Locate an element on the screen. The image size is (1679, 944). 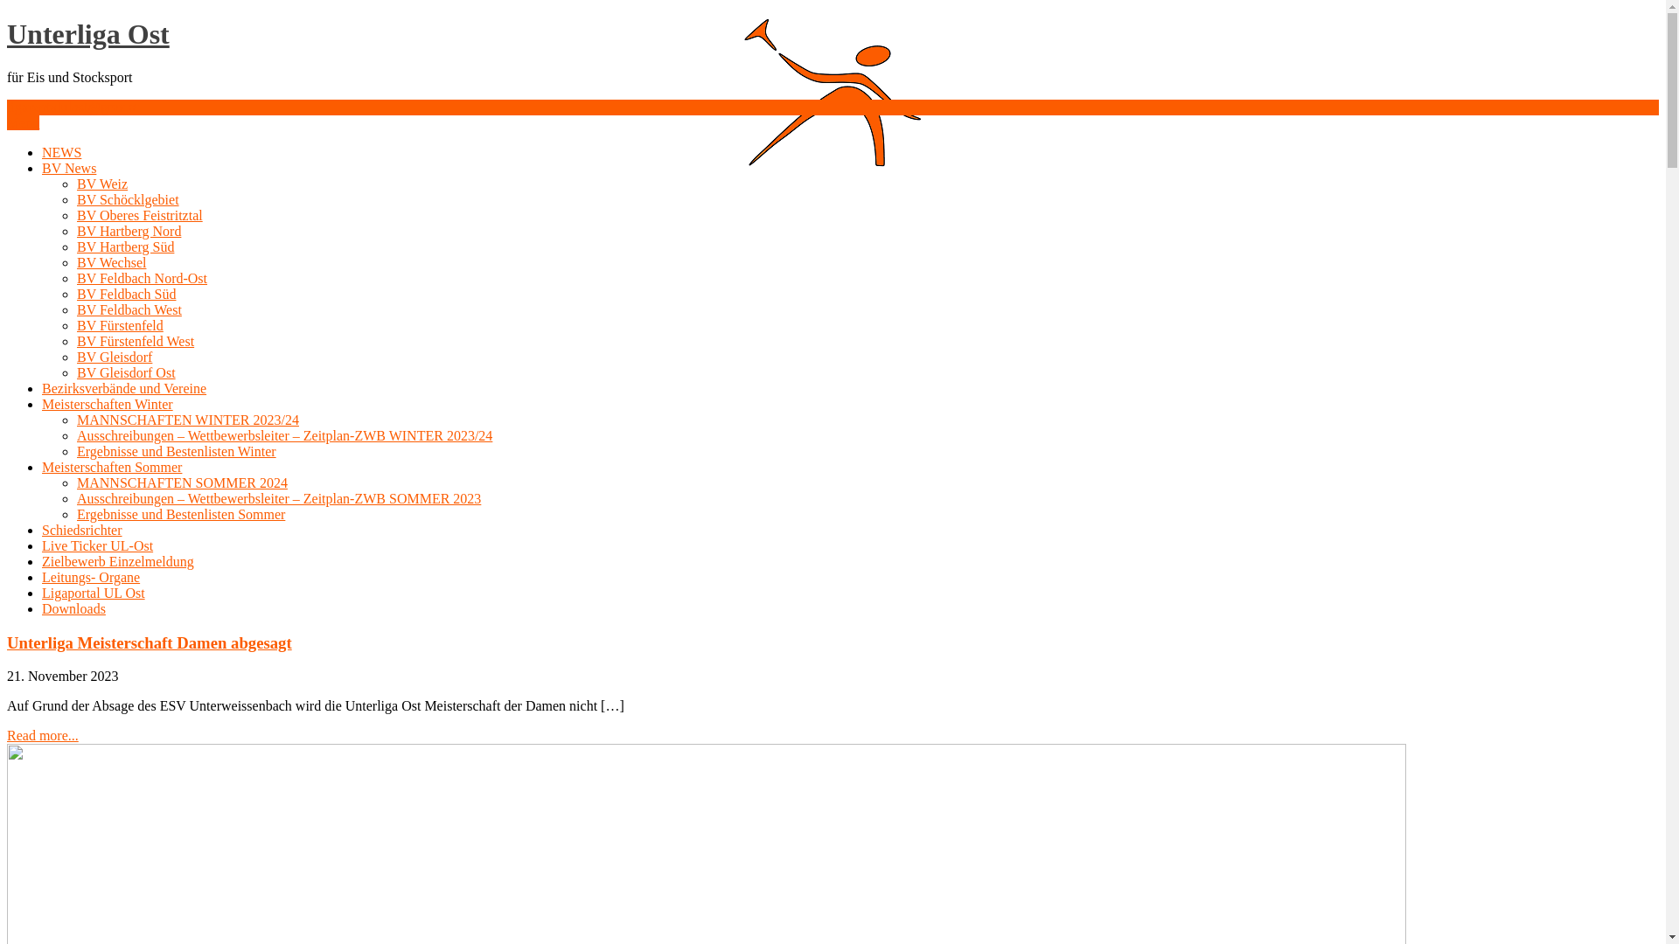
'BV Hartberg Nord' is located at coordinates (128, 230).